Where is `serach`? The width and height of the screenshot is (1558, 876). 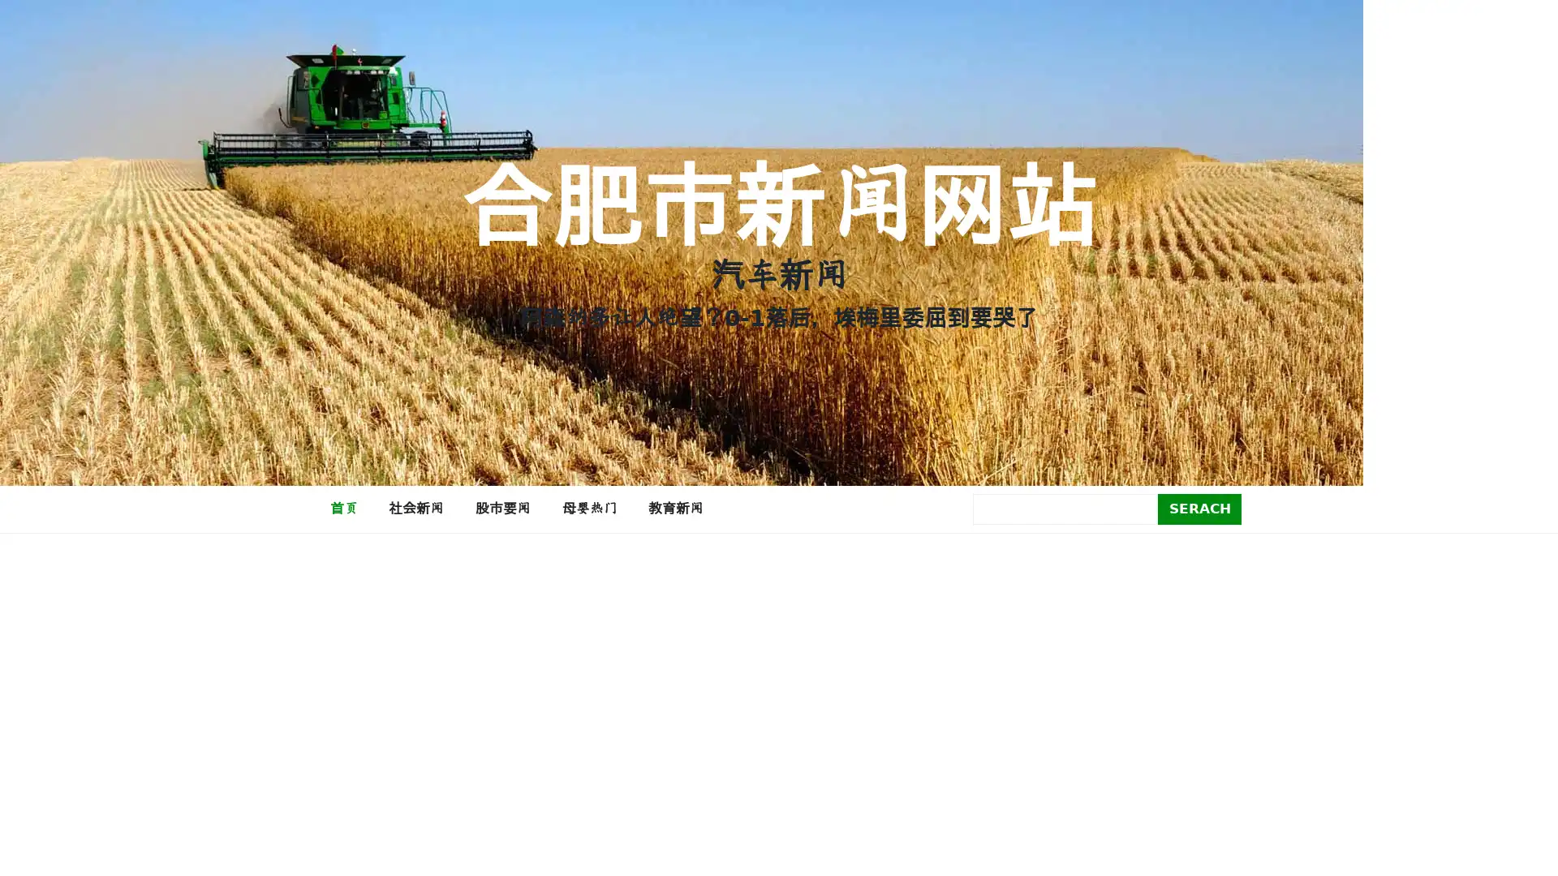 serach is located at coordinates (1199, 508).